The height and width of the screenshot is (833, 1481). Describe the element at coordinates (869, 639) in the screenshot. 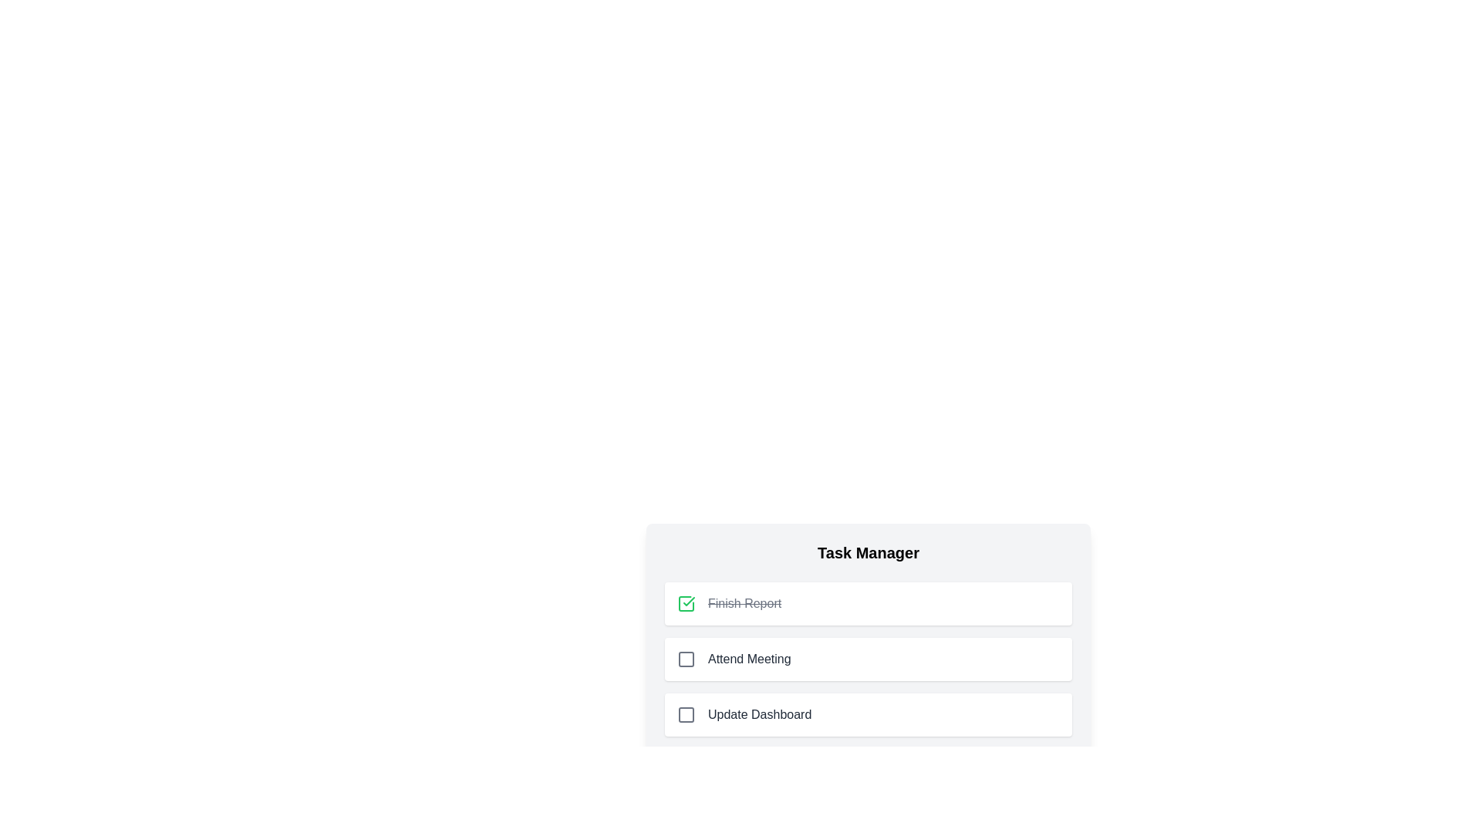

I see `the 'Attend Meeting' checklist item` at that location.